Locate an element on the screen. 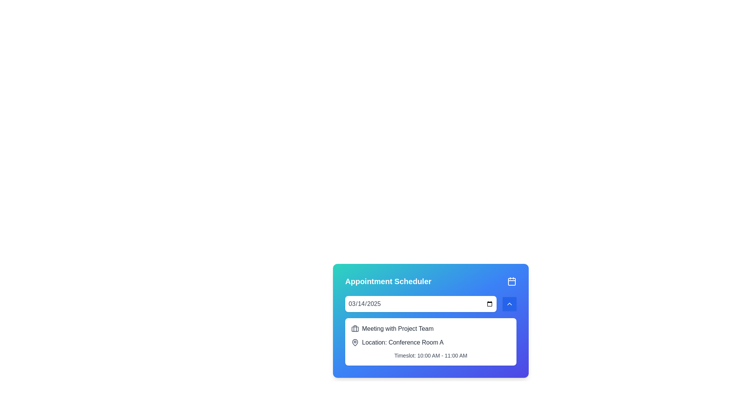  the increment button located to the right of the date input field is located at coordinates (510, 303).